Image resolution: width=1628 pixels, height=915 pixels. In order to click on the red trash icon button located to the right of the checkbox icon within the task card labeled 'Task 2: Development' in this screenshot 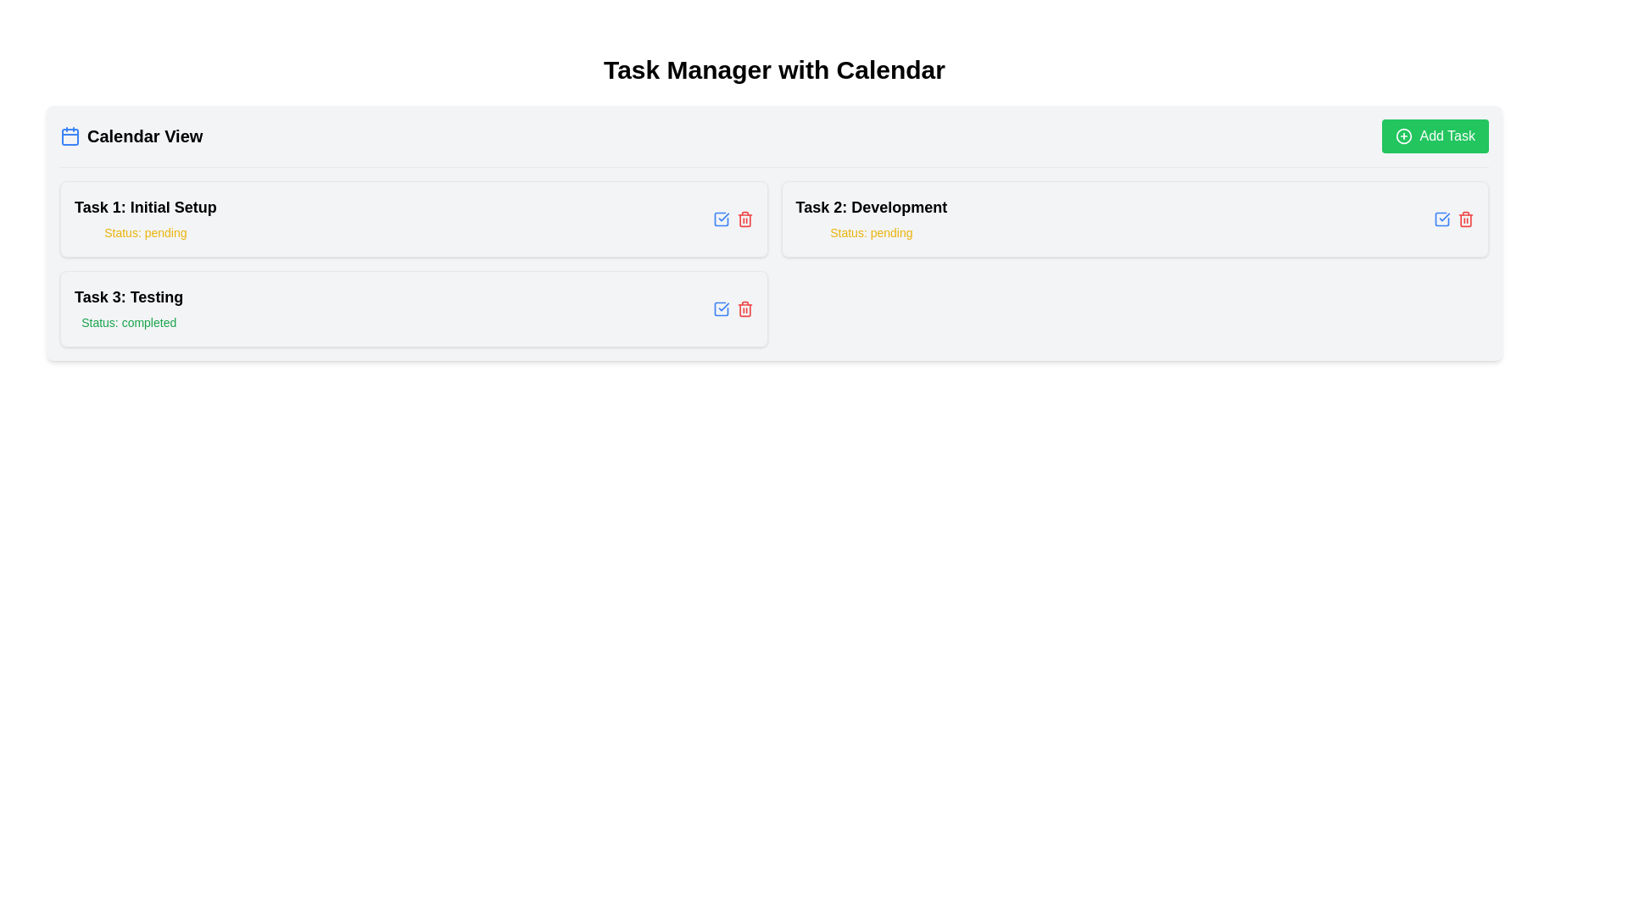, I will do `click(1464, 218)`.